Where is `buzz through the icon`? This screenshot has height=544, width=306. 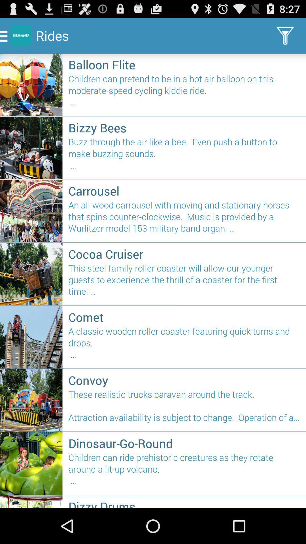
buzz through the icon is located at coordinates (184, 156).